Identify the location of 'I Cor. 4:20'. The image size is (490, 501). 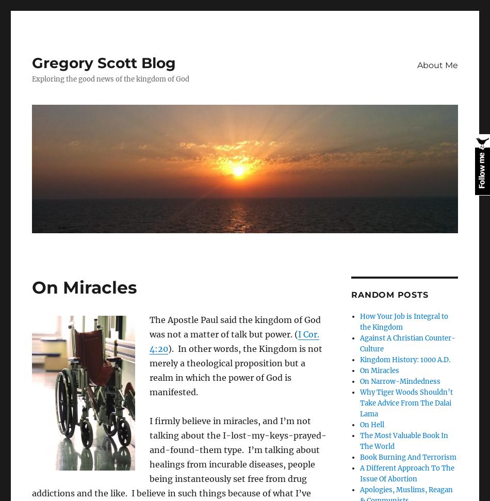
(234, 342).